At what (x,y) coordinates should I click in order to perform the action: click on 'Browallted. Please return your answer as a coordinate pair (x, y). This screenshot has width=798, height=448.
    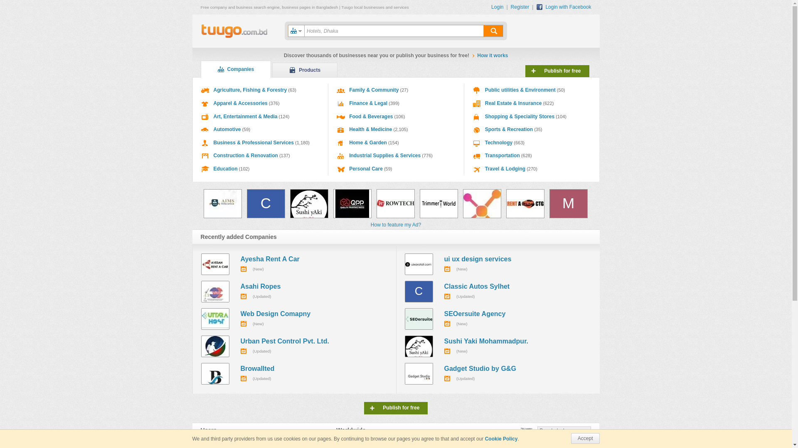
    Looking at the image, I should click on (294, 374).